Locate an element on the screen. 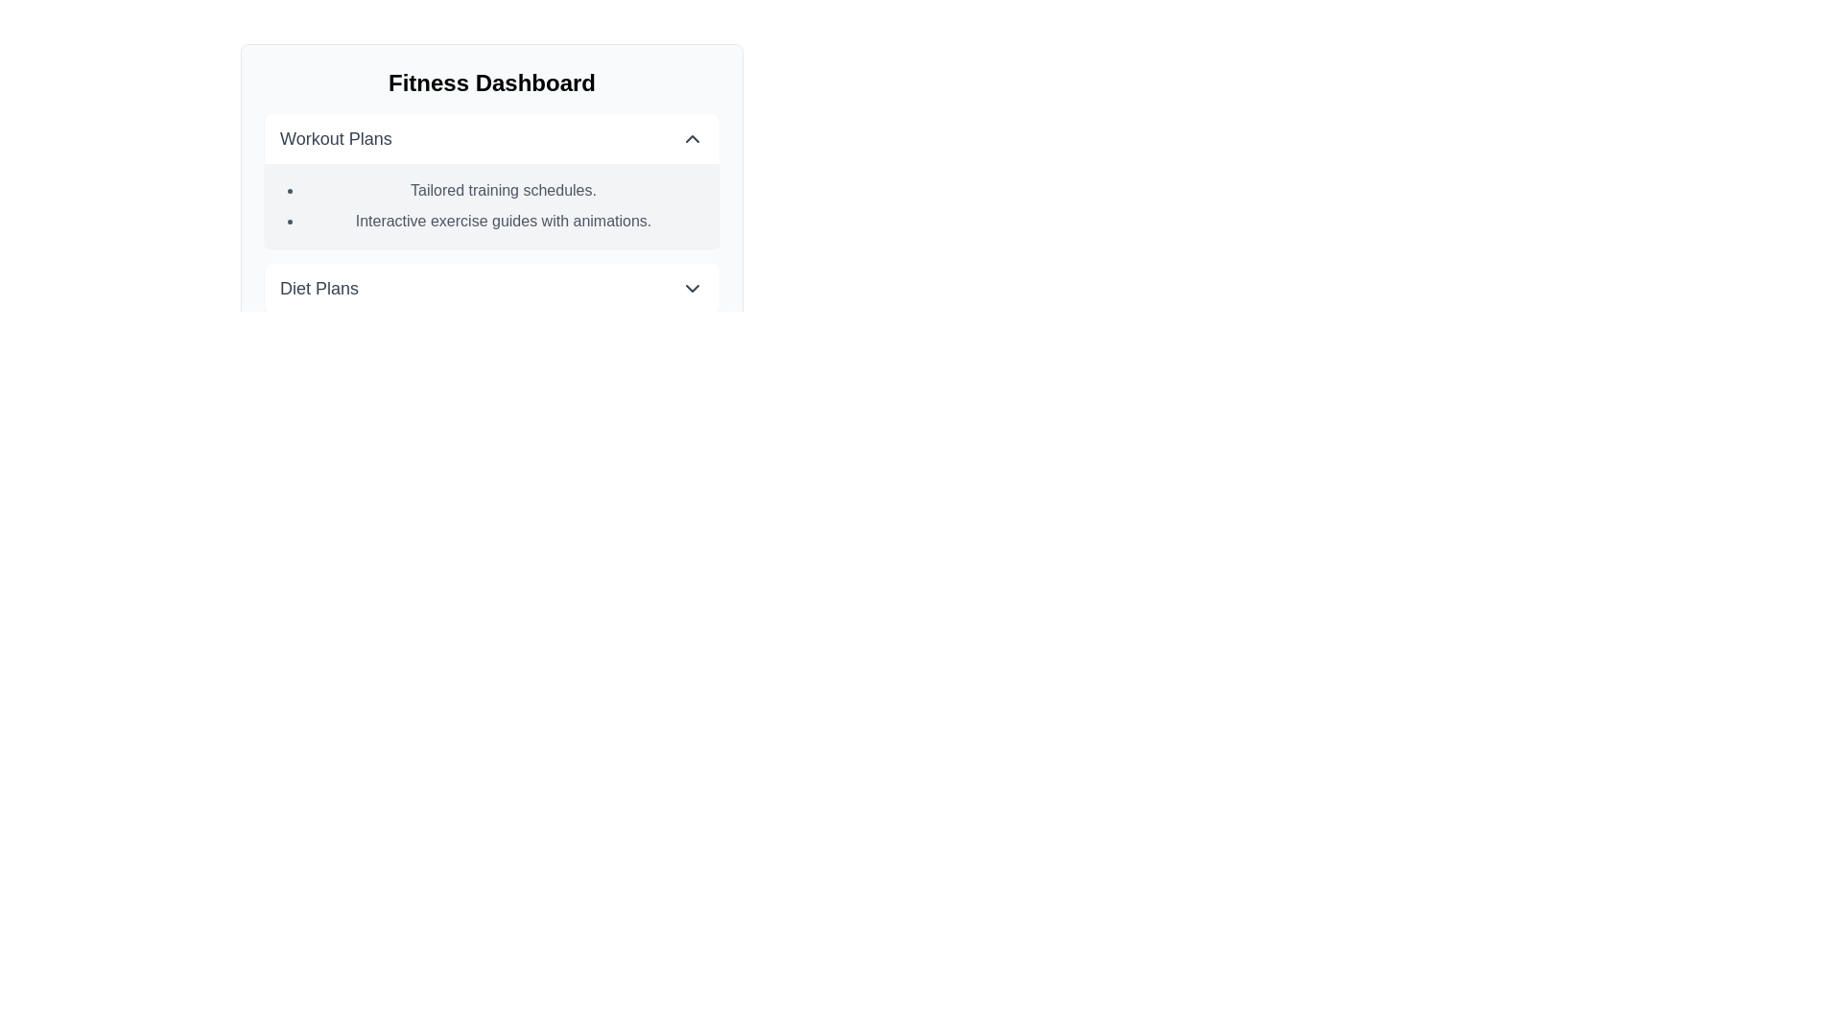 This screenshot has height=1036, width=1842. the upward-pointing chevron arrow button located to the right of the 'Workout Plans' section header is located at coordinates (691, 138).